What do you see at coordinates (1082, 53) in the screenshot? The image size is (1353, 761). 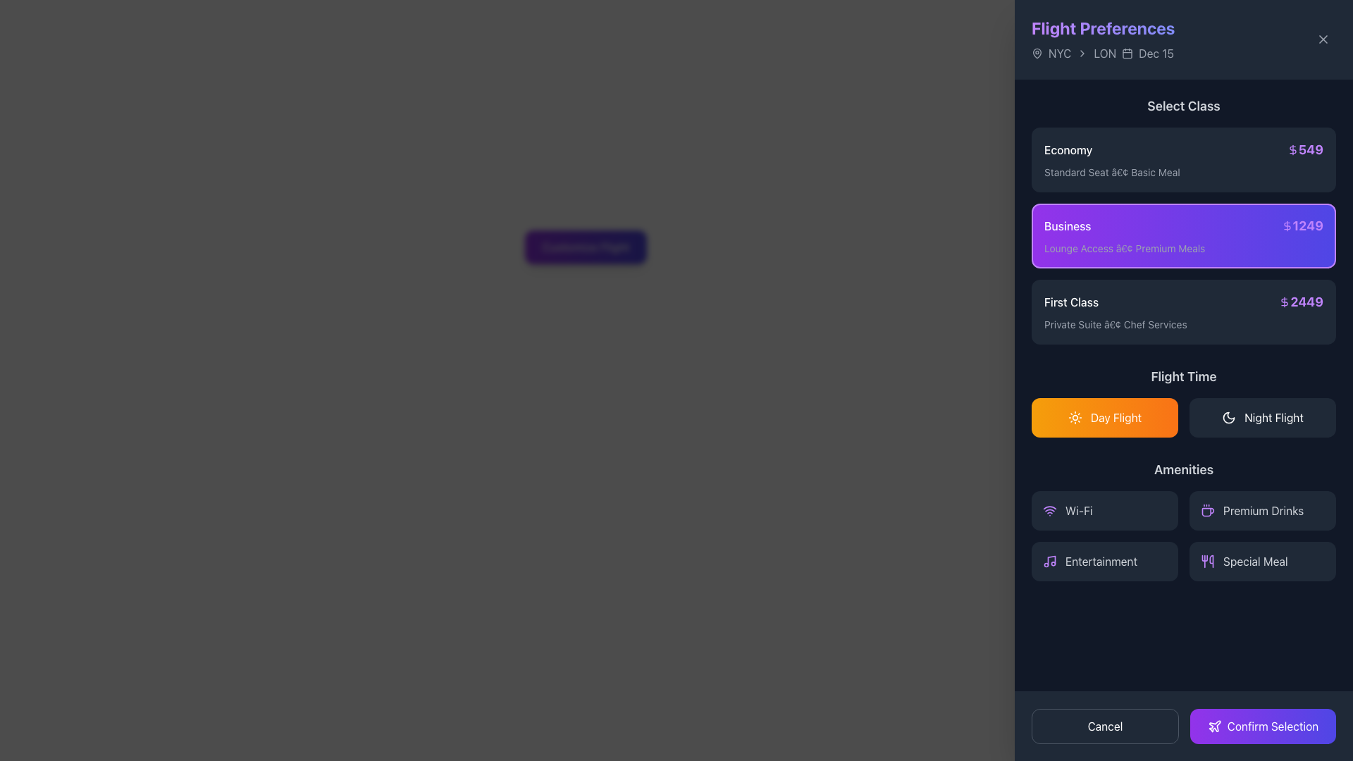 I see `the Right Arrow icon that visually separates 'NYC' and 'LON', indicating navigation between the two locations` at bounding box center [1082, 53].